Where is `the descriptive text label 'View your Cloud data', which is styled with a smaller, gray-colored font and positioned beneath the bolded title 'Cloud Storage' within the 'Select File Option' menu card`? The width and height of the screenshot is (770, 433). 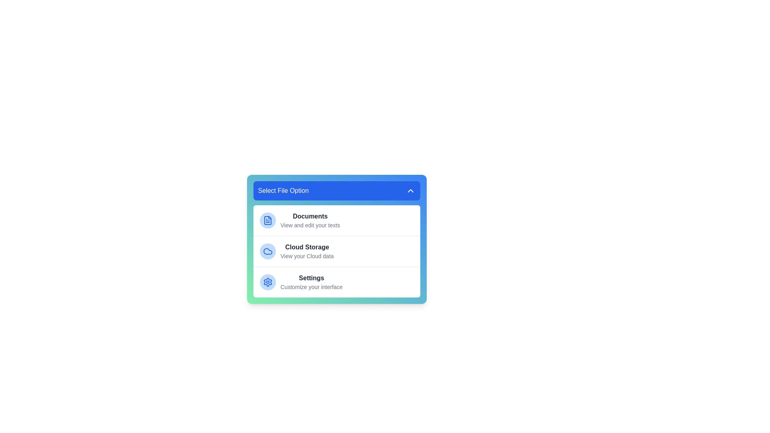
the descriptive text label 'View your Cloud data', which is styled with a smaller, gray-colored font and positioned beneath the bolded title 'Cloud Storage' within the 'Select File Option' menu card is located at coordinates (306, 256).